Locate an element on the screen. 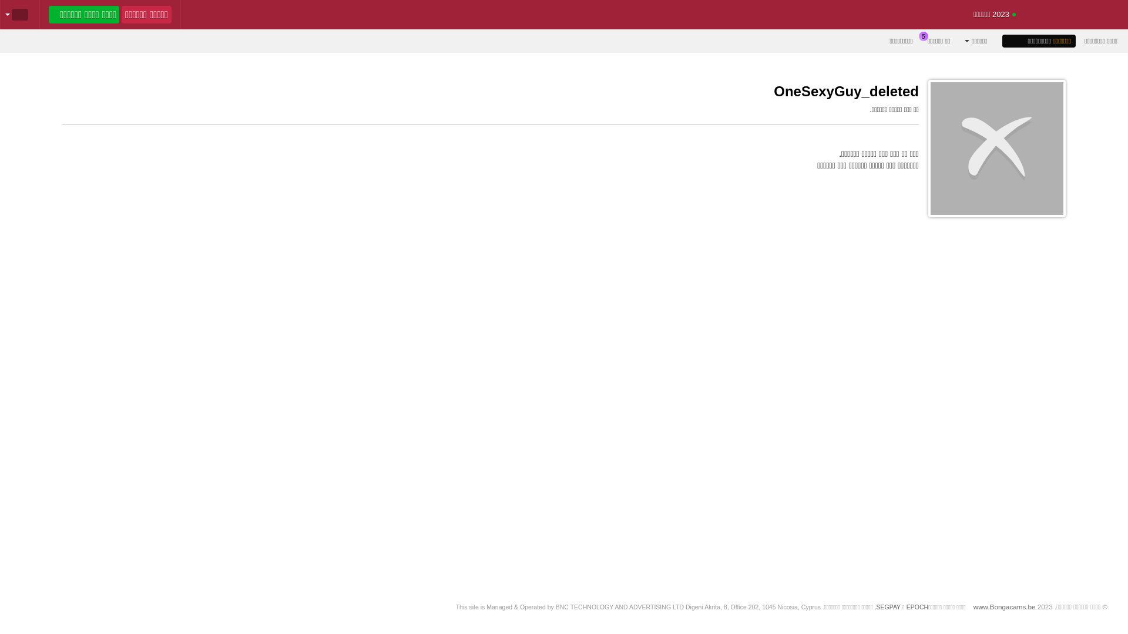 The height and width of the screenshot is (634, 1128). 'EPOCH' is located at coordinates (916, 606).